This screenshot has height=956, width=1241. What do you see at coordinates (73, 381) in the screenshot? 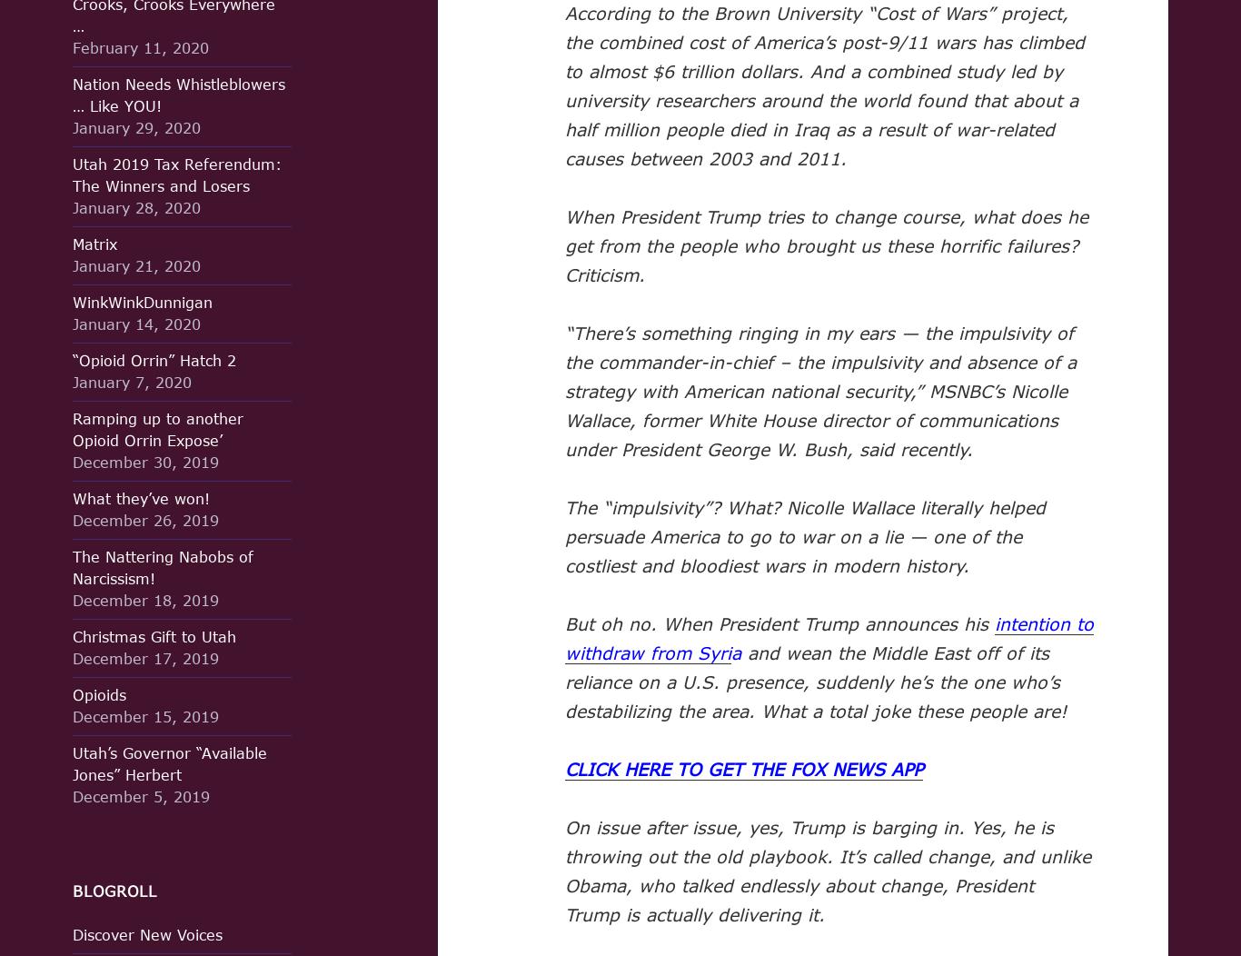
I see `'January 7, 2020'` at bounding box center [73, 381].